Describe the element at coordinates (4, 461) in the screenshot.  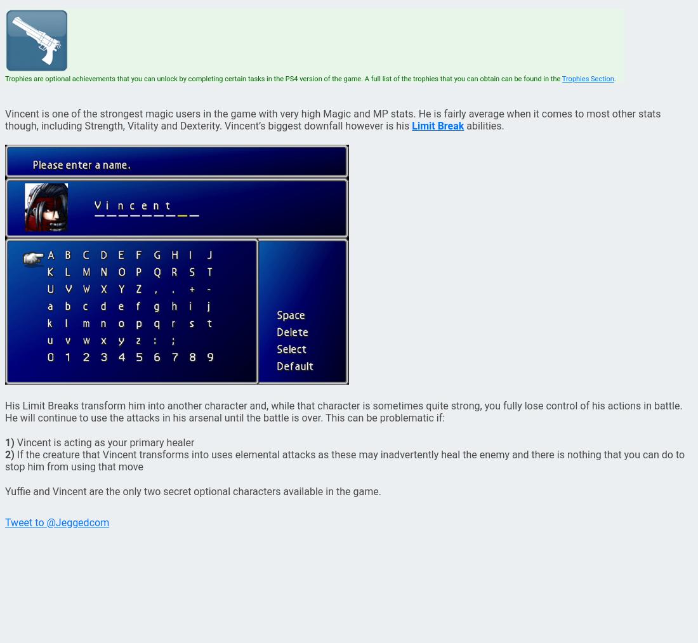
I see `'If the creature that Vincent transforms into uses elemental attacks as these may inadvertently heal the enemy and there is nothing that you can do to stop him from using that move'` at that location.